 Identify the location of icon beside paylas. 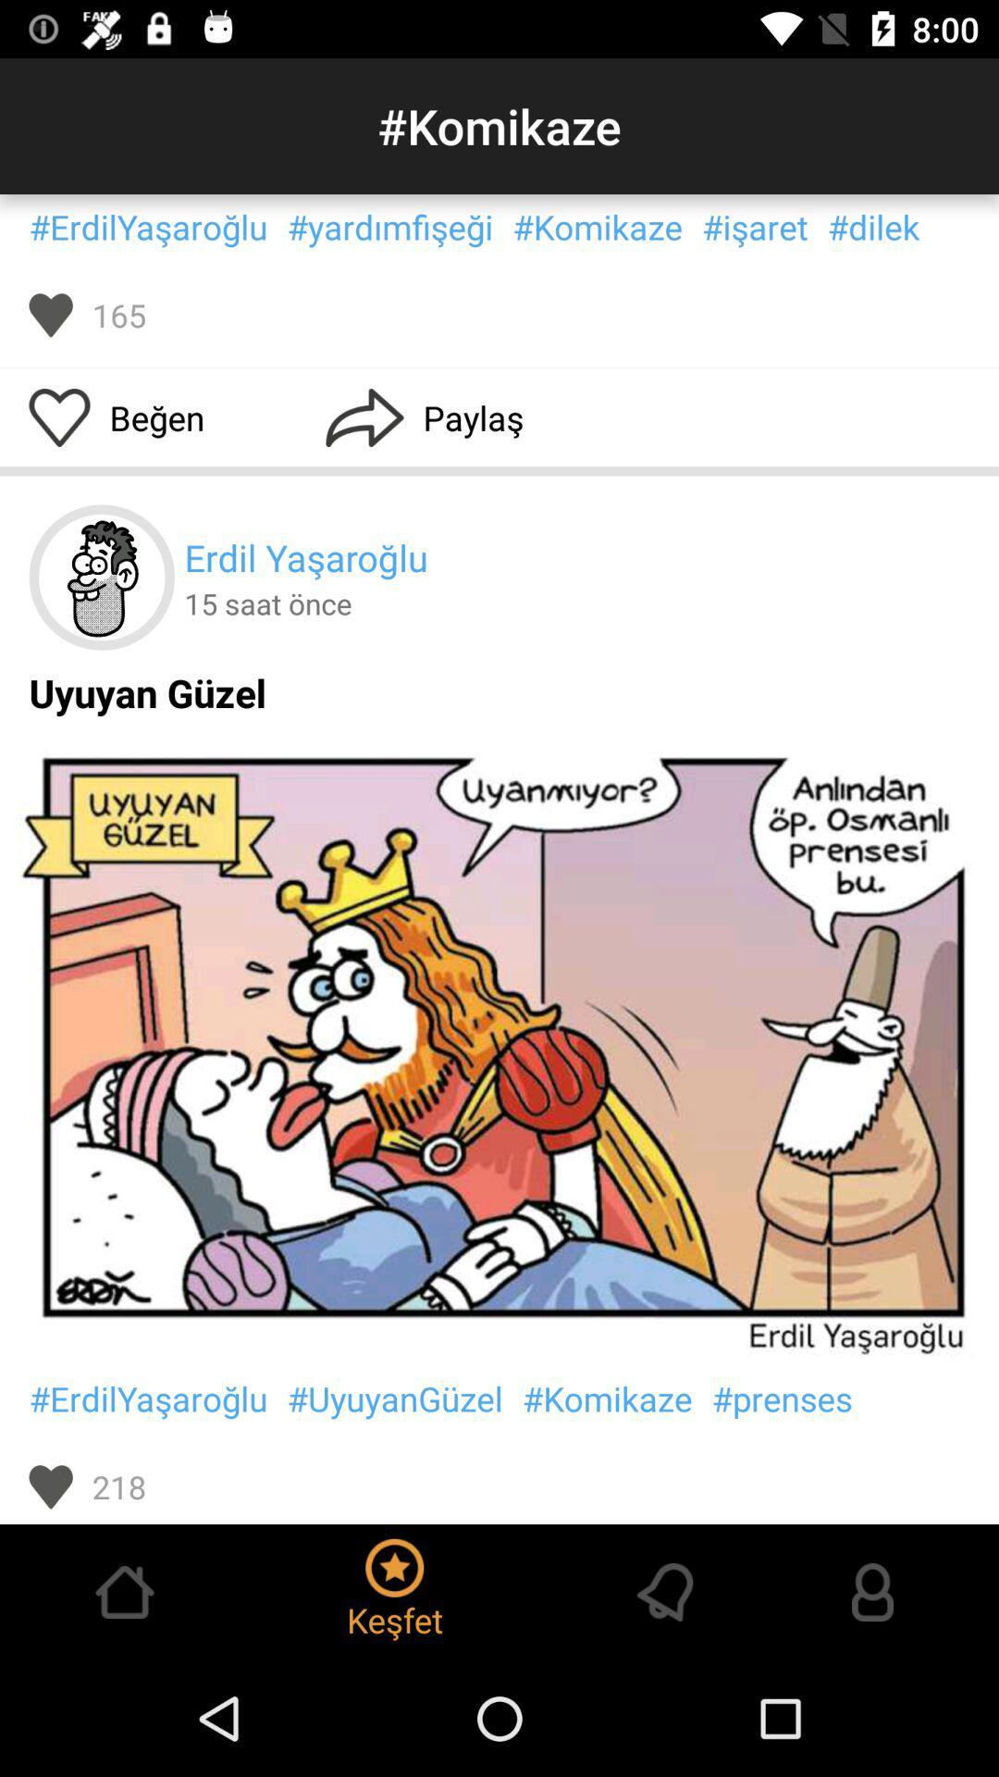
(364, 416).